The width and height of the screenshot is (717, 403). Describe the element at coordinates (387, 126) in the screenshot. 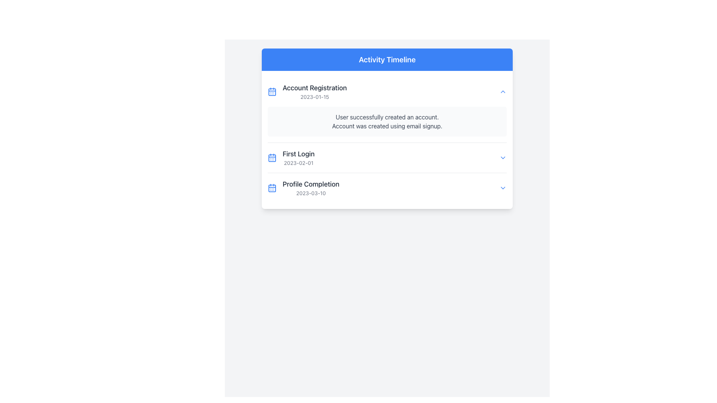

I see `the notification Text Label that provides information about the account creation method, located below the message 'User successfully created an account.'` at that location.